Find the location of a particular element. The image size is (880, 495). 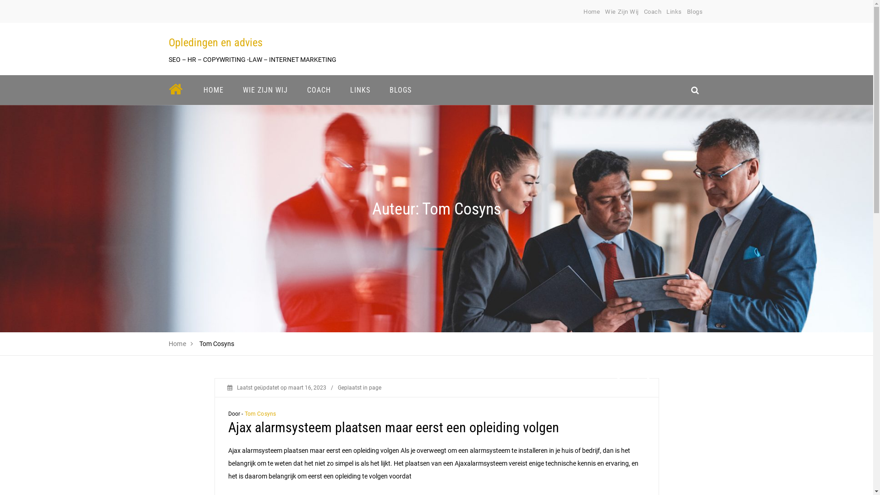

'HOME' is located at coordinates (213, 90).